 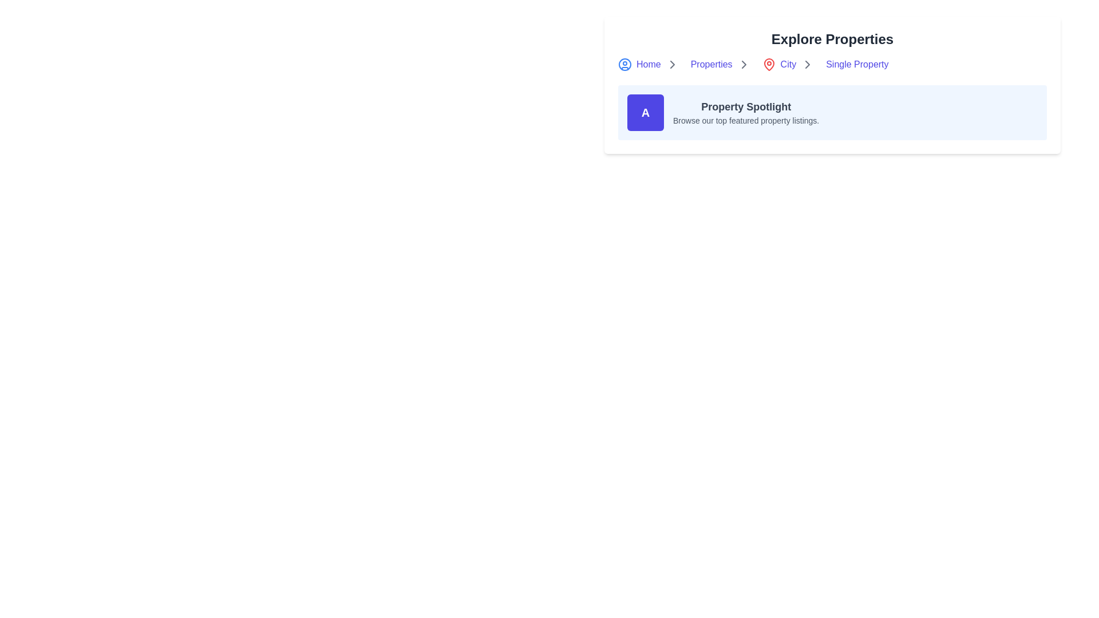 What do you see at coordinates (746, 121) in the screenshot?
I see `the static text description that provides supporting information about the 'Property Spotlight' header, which is located directly below the header and centered within a blue-highlighted section` at bounding box center [746, 121].